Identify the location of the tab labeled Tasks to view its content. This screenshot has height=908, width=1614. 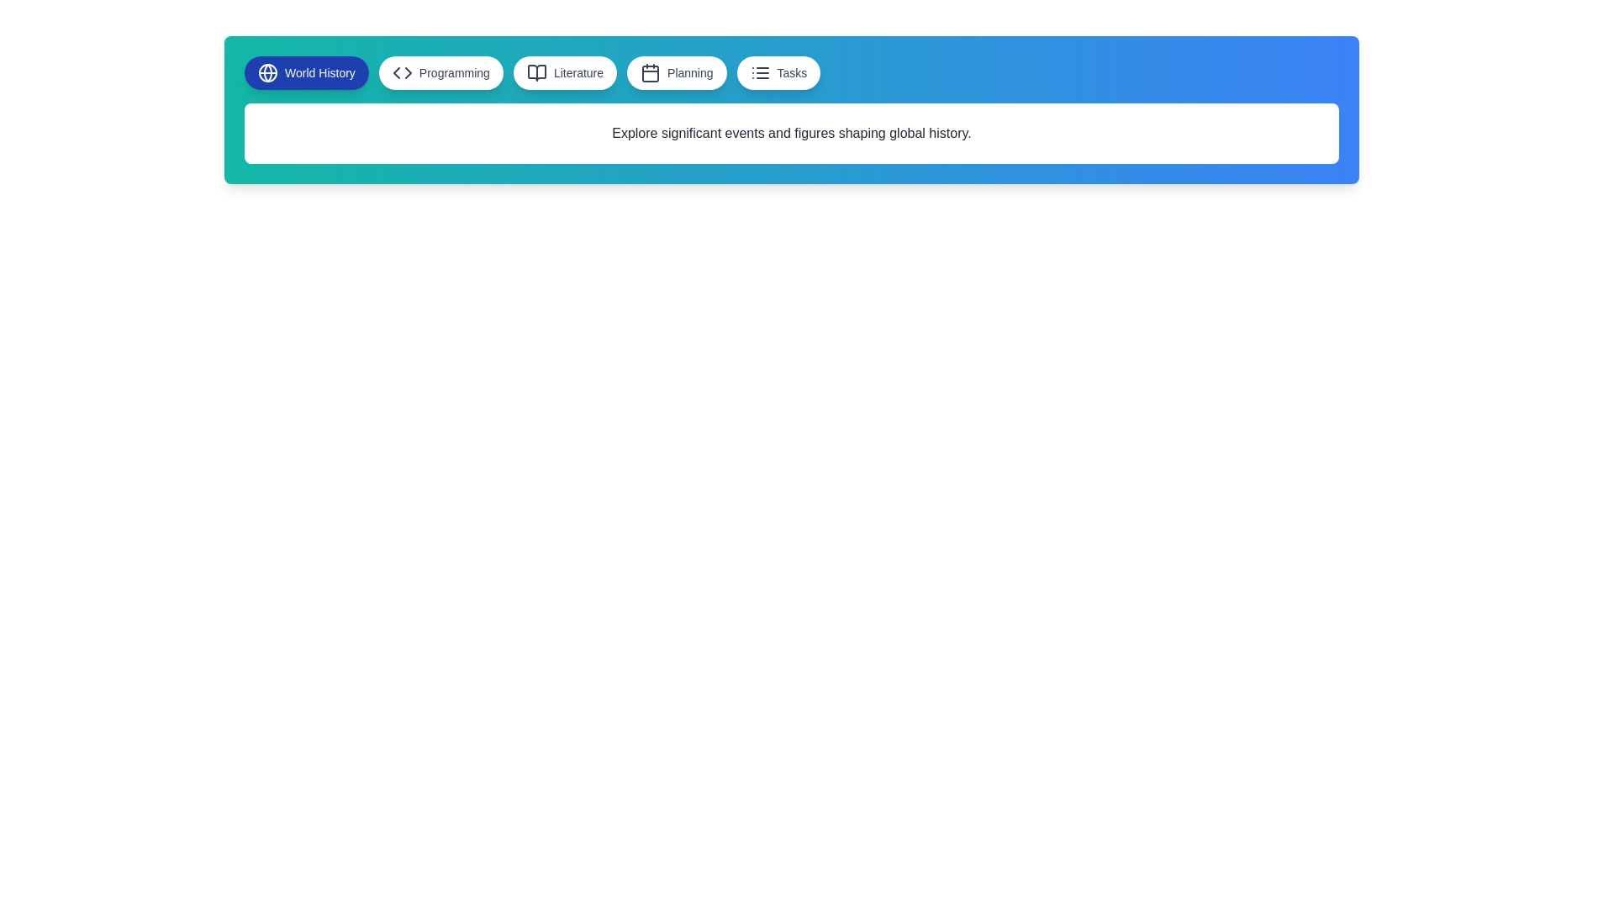
(778, 72).